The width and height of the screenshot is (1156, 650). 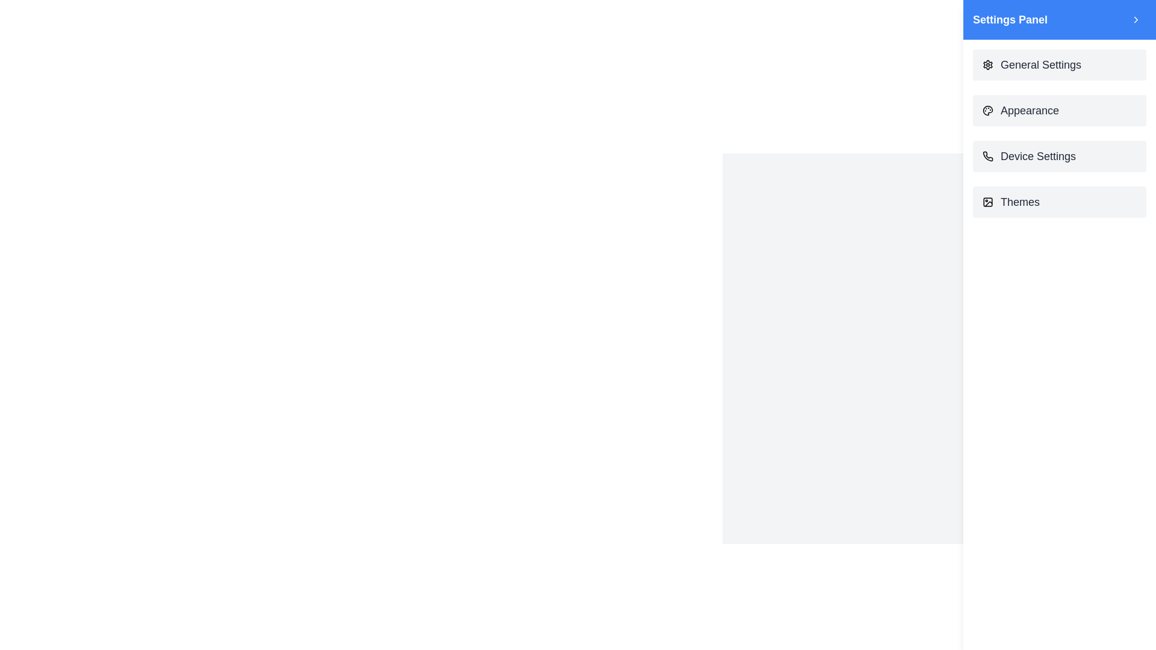 What do you see at coordinates (988, 111) in the screenshot?
I see `the 'Appearance' settings icon located to the left of the 'Appearance' text label in the settings panel` at bounding box center [988, 111].